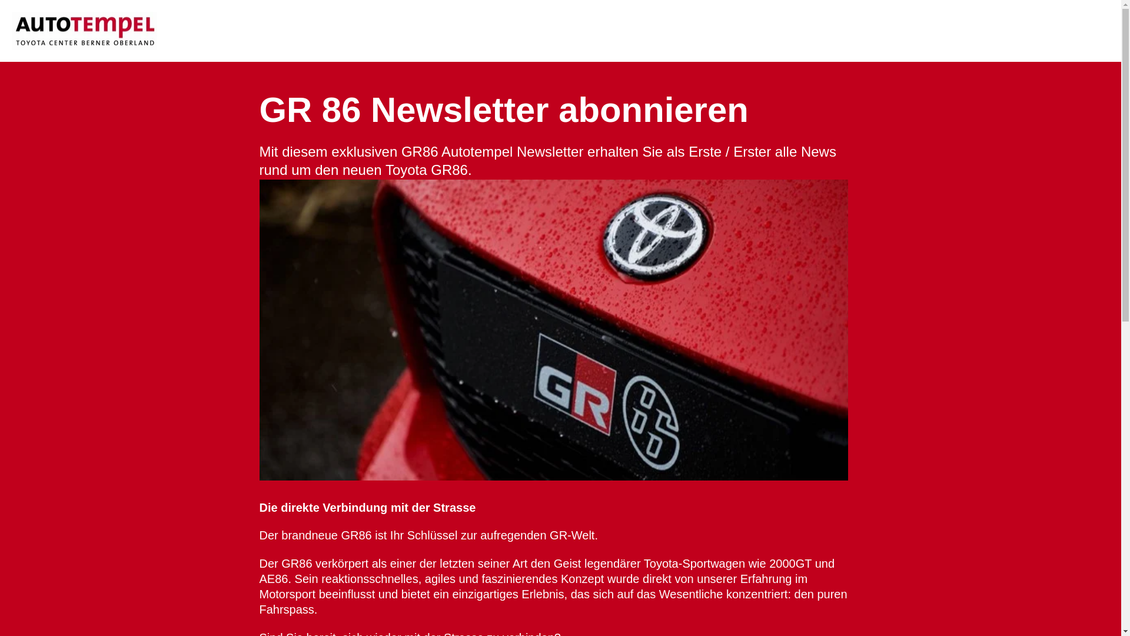 This screenshot has height=636, width=1130. I want to click on 'Logo Auto Tempel_Toyota Center BEO-1', so click(84, 30).